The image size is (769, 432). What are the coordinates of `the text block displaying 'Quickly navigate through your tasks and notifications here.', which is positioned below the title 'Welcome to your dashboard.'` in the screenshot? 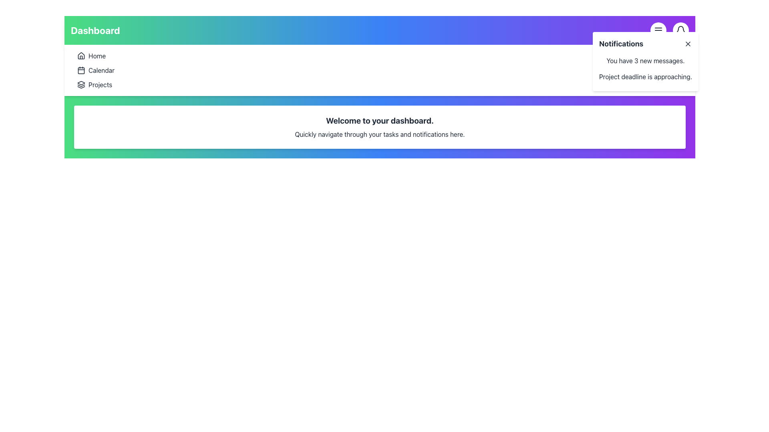 It's located at (379, 134).